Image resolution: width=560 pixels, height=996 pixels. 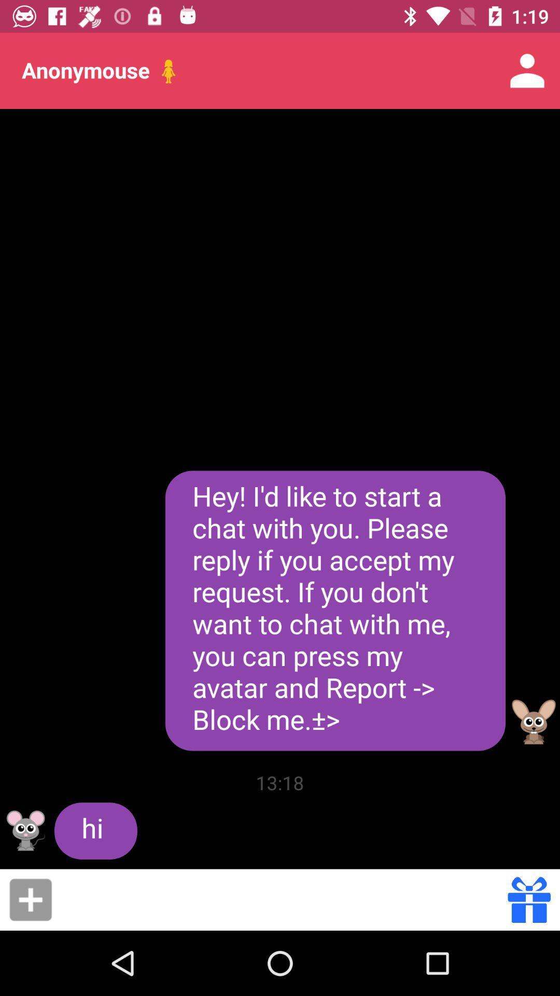 What do you see at coordinates (283, 899) in the screenshot?
I see `icon below the hi  item` at bounding box center [283, 899].